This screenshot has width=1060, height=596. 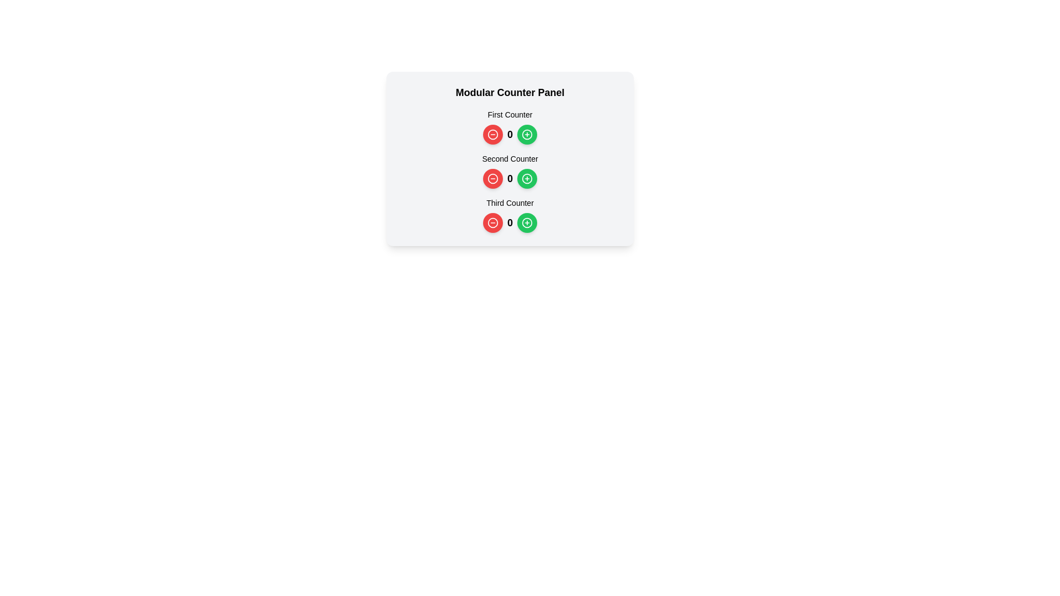 I want to click on the circular red button with a white minus symbol to decrease the counter value, located in the first row of the counter panel section, so click(x=492, y=134).